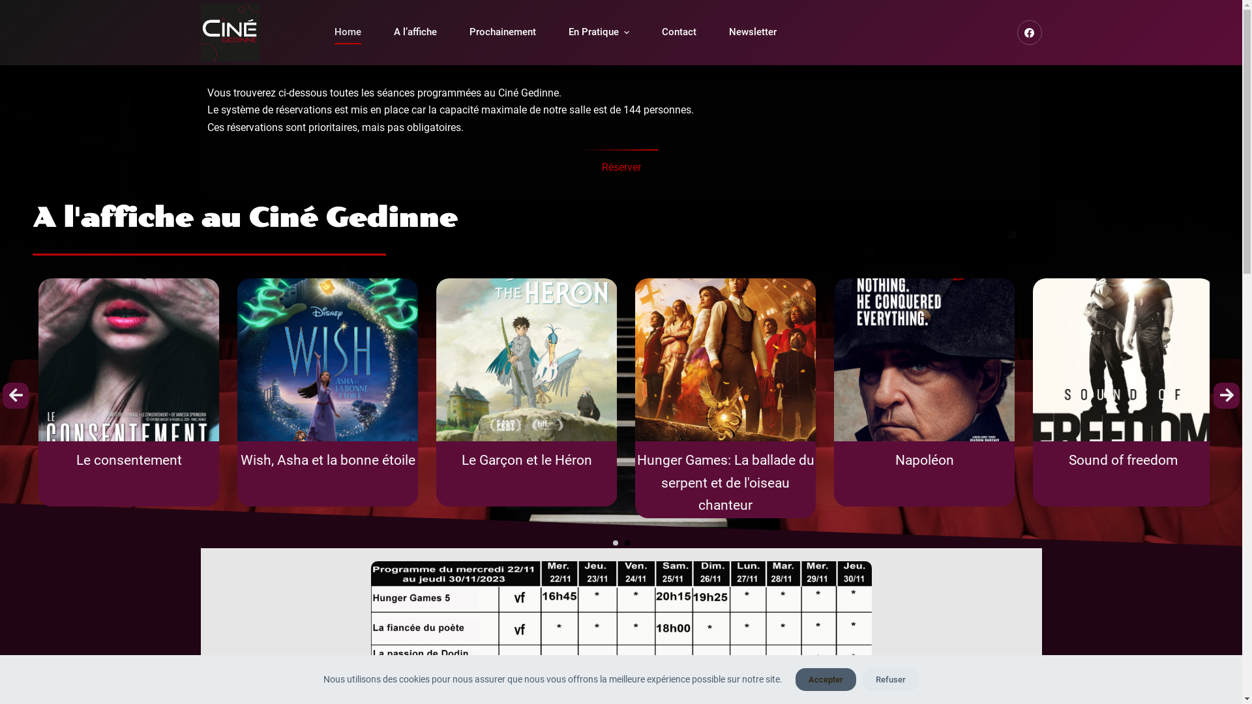 Image resolution: width=1252 pixels, height=704 pixels. Describe the element at coordinates (752, 31) in the screenshot. I see `'Newsletter'` at that location.